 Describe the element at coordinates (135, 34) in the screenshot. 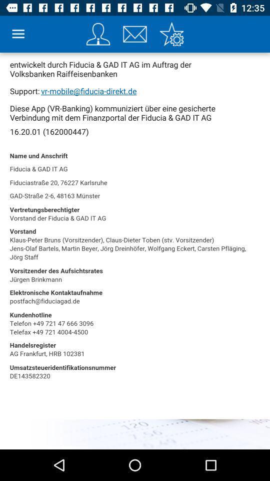

I see `message` at that location.